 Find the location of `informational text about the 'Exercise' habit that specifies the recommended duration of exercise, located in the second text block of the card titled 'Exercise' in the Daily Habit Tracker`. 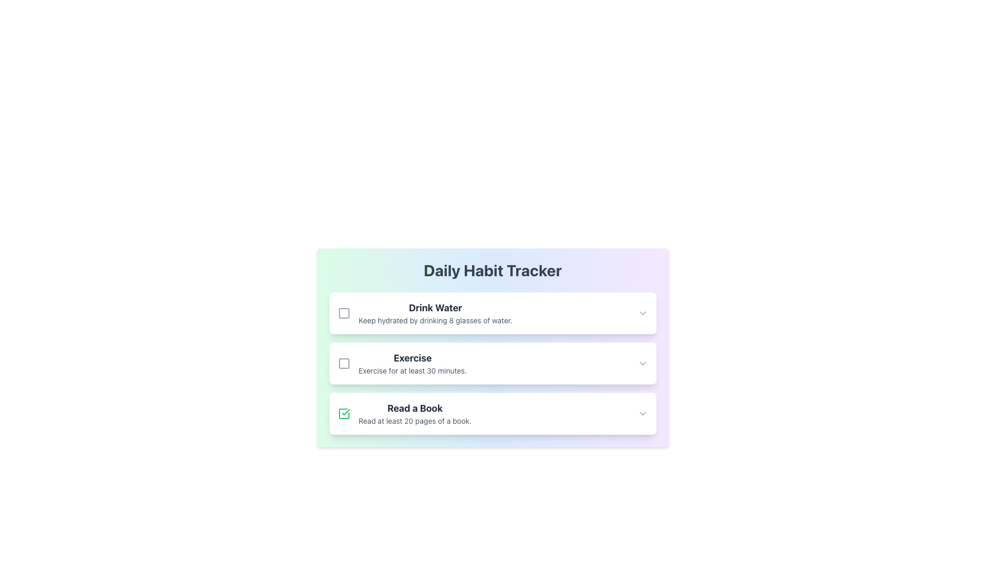

informational text about the 'Exercise' habit that specifies the recommended duration of exercise, located in the second text block of the card titled 'Exercise' in the Daily Habit Tracker is located at coordinates (412, 370).